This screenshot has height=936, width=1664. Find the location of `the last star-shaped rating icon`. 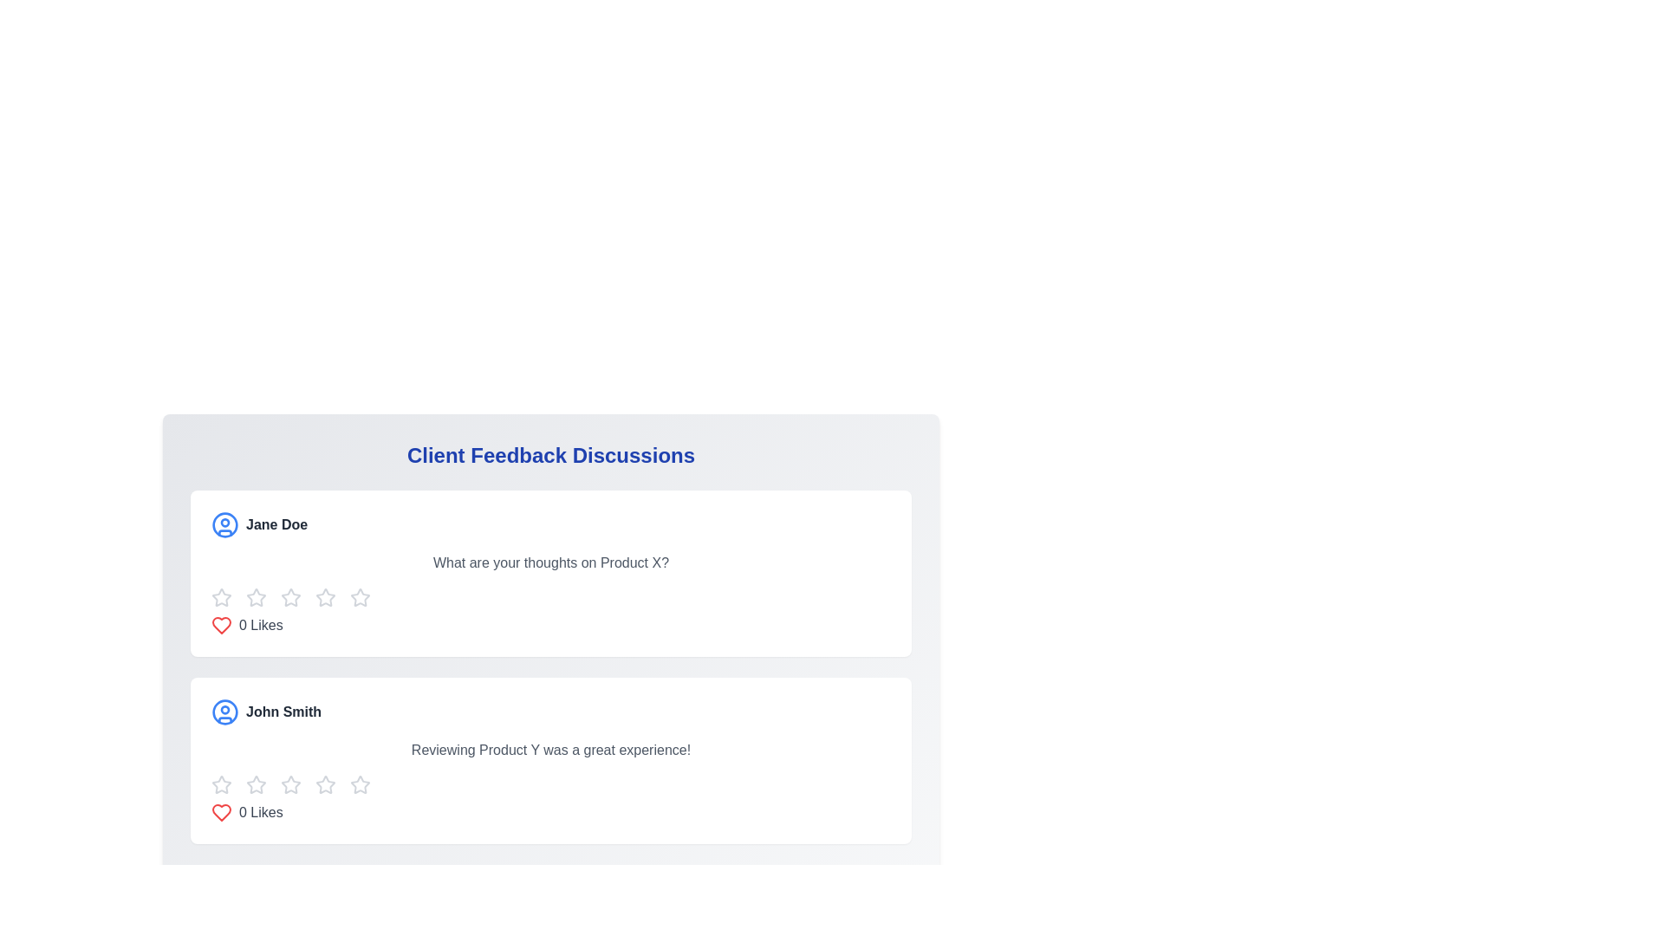

the last star-shaped rating icon is located at coordinates (360, 785).